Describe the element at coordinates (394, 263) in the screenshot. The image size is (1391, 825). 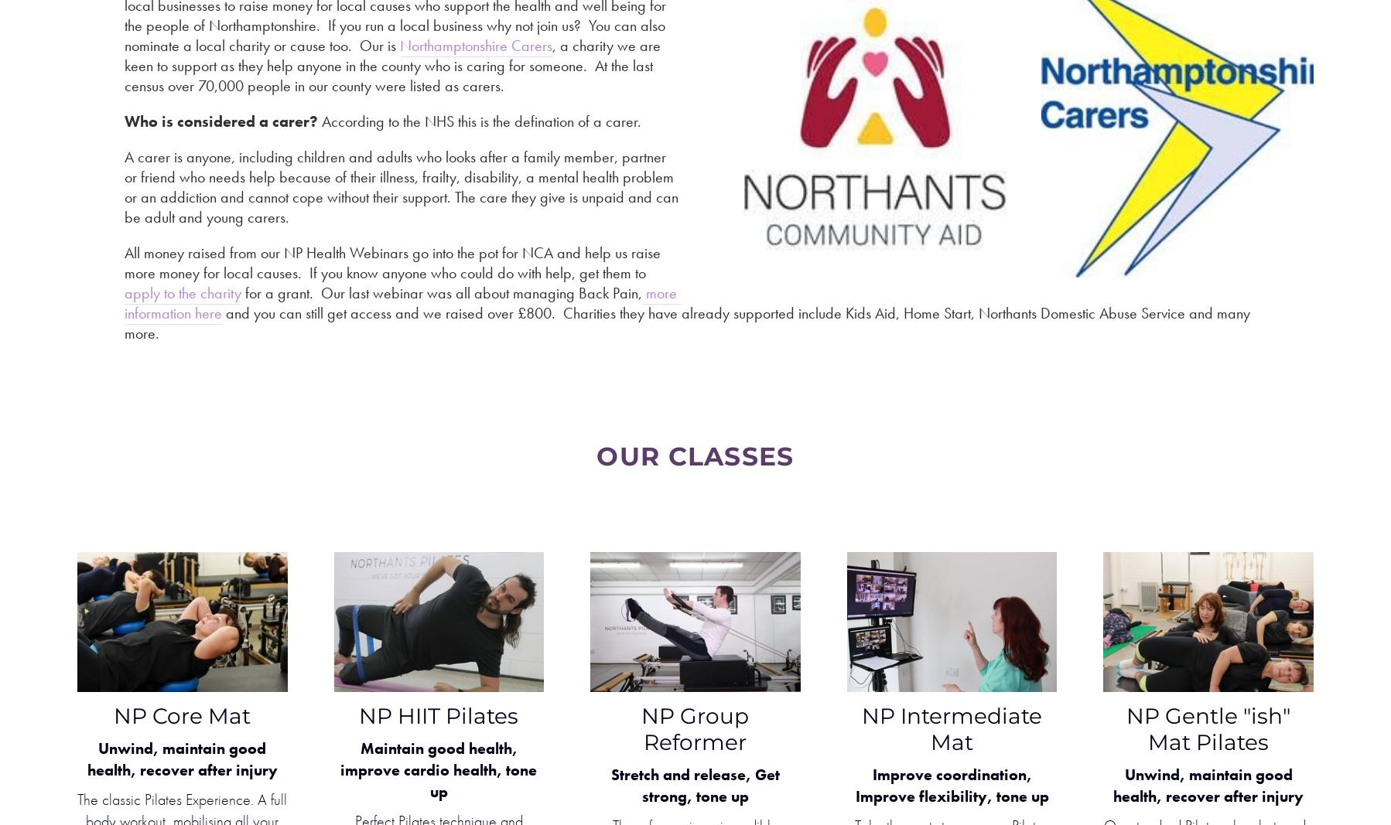
I see `'All money raised from our NP Health Webinars go into the pot for NCA and help us raise more money for local causes.  If you know anyone who could do with help, get them to'` at that location.